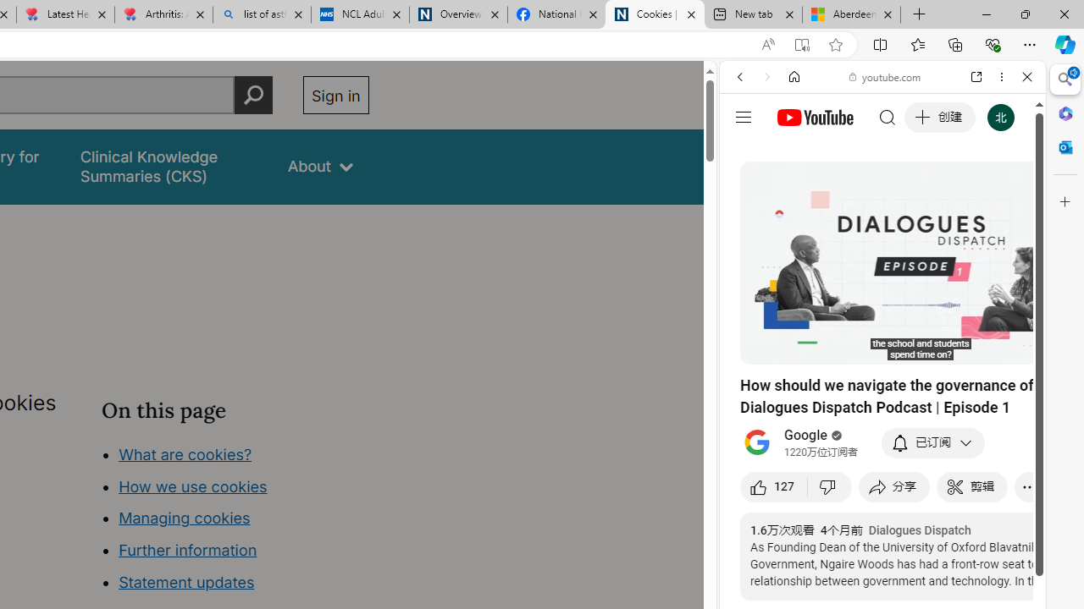 Image resolution: width=1084 pixels, height=609 pixels. I want to click on 'SEARCH TOOLS', so click(925, 192).